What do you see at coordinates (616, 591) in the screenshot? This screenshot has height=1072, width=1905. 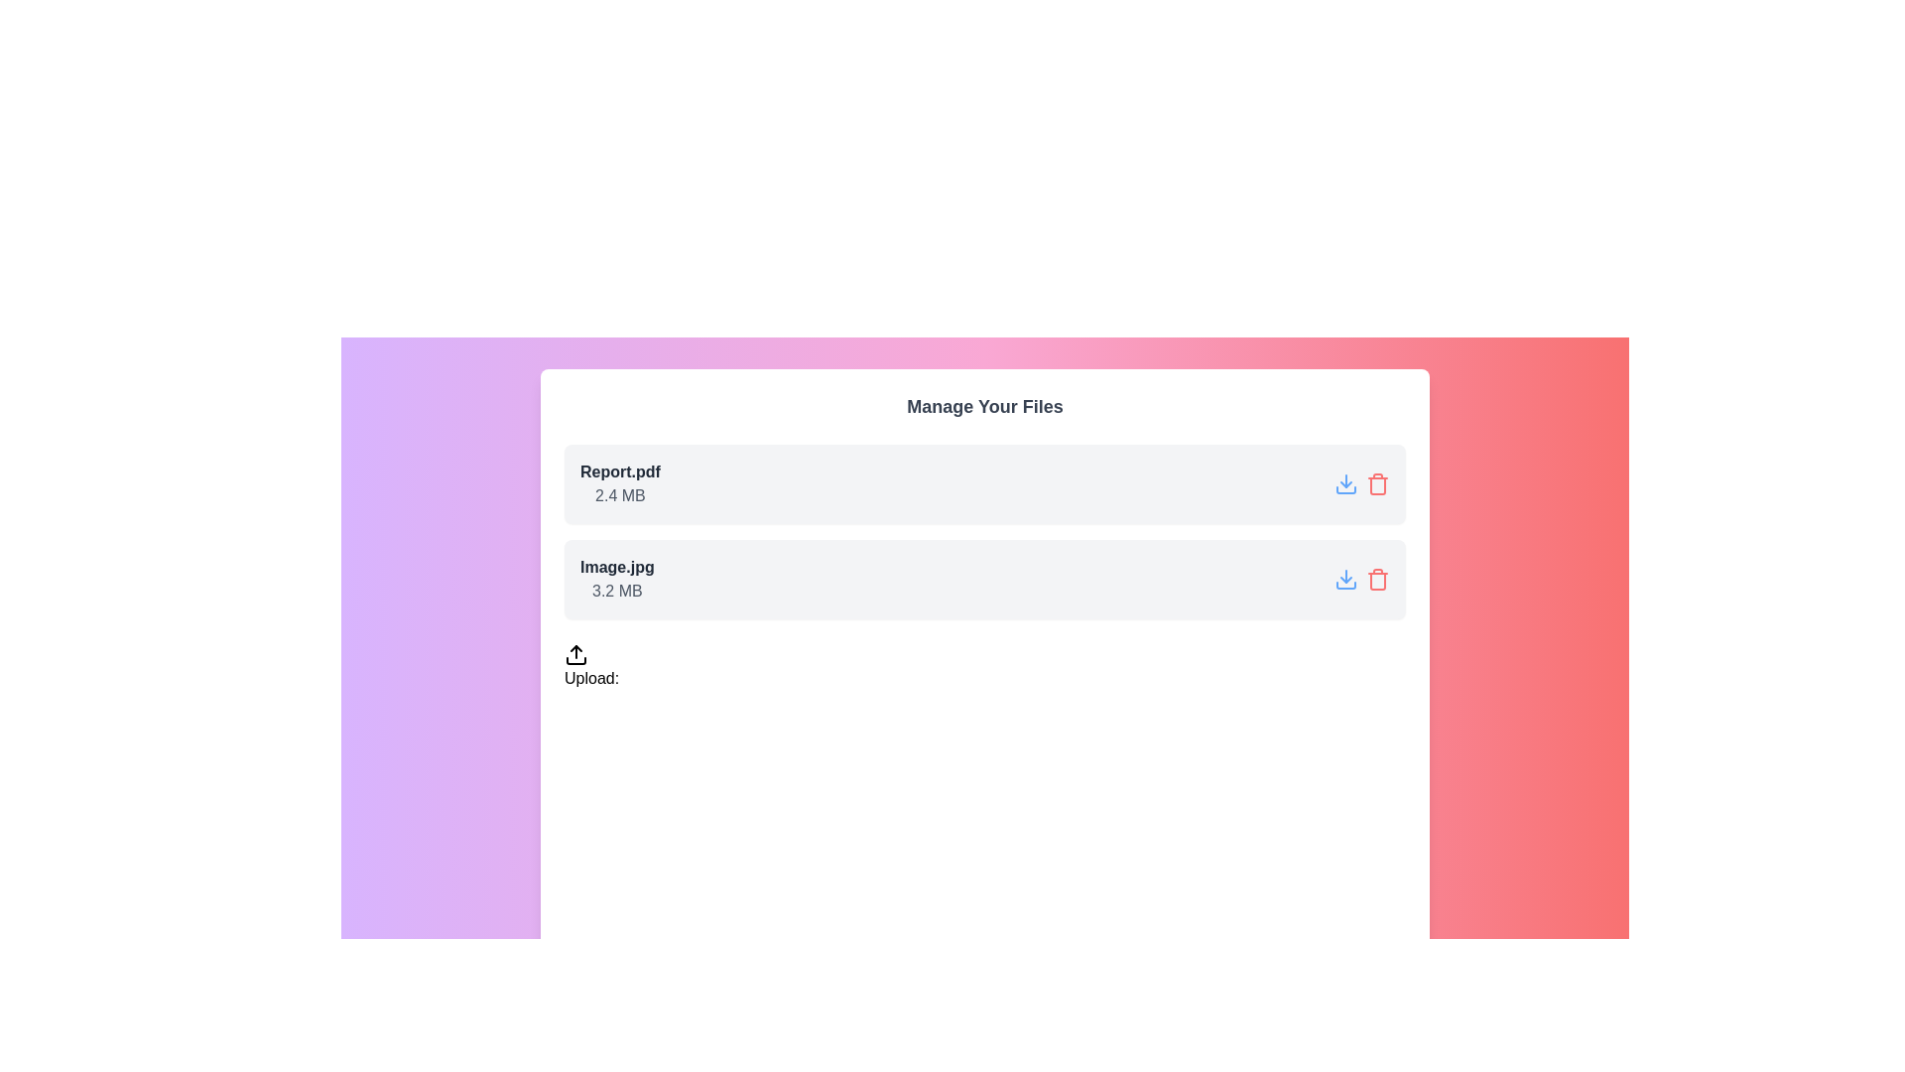 I see `the text label displaying '3.2 MB', which is styled with subdued text and indicates the file size below 'Image.jpg'` at bounding box center [616, 591].